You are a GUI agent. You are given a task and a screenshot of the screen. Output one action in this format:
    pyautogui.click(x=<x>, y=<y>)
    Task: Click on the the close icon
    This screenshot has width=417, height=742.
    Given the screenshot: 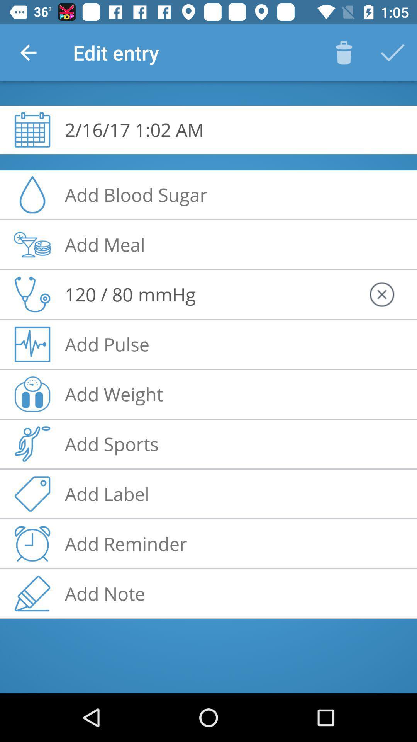 What is the action you would take?
    pyautogui.click(x=381, y=294)
    